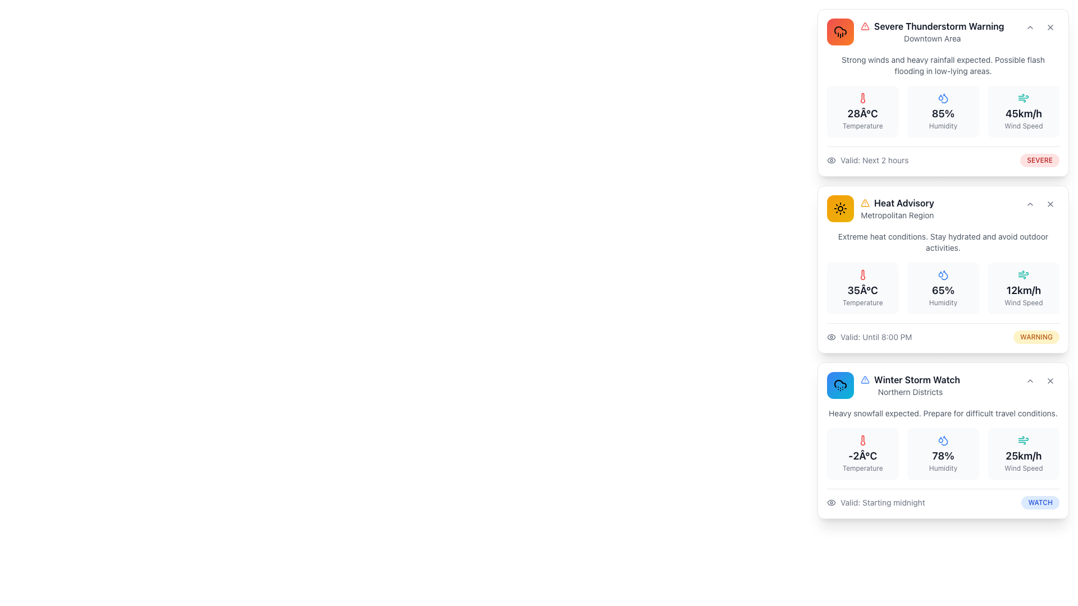 The width and height of the screenshot is (1078, 606). I want to click on the weather alert notification block indicating a heat advisory for the metropolitan region, positioned as the second card in the stack, so click(897, 208).